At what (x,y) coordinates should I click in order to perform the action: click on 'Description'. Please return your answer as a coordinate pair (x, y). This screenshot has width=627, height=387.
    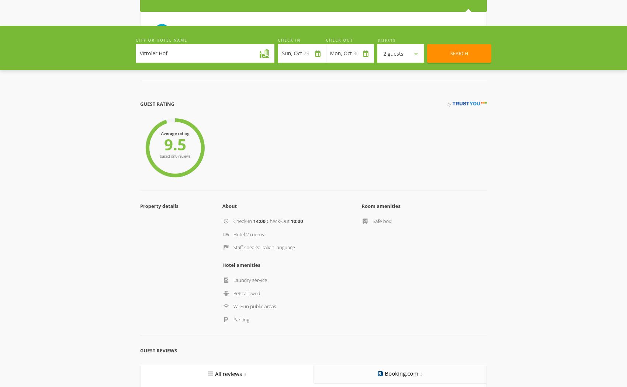
    Looking at the image, I should click on (155, 190).